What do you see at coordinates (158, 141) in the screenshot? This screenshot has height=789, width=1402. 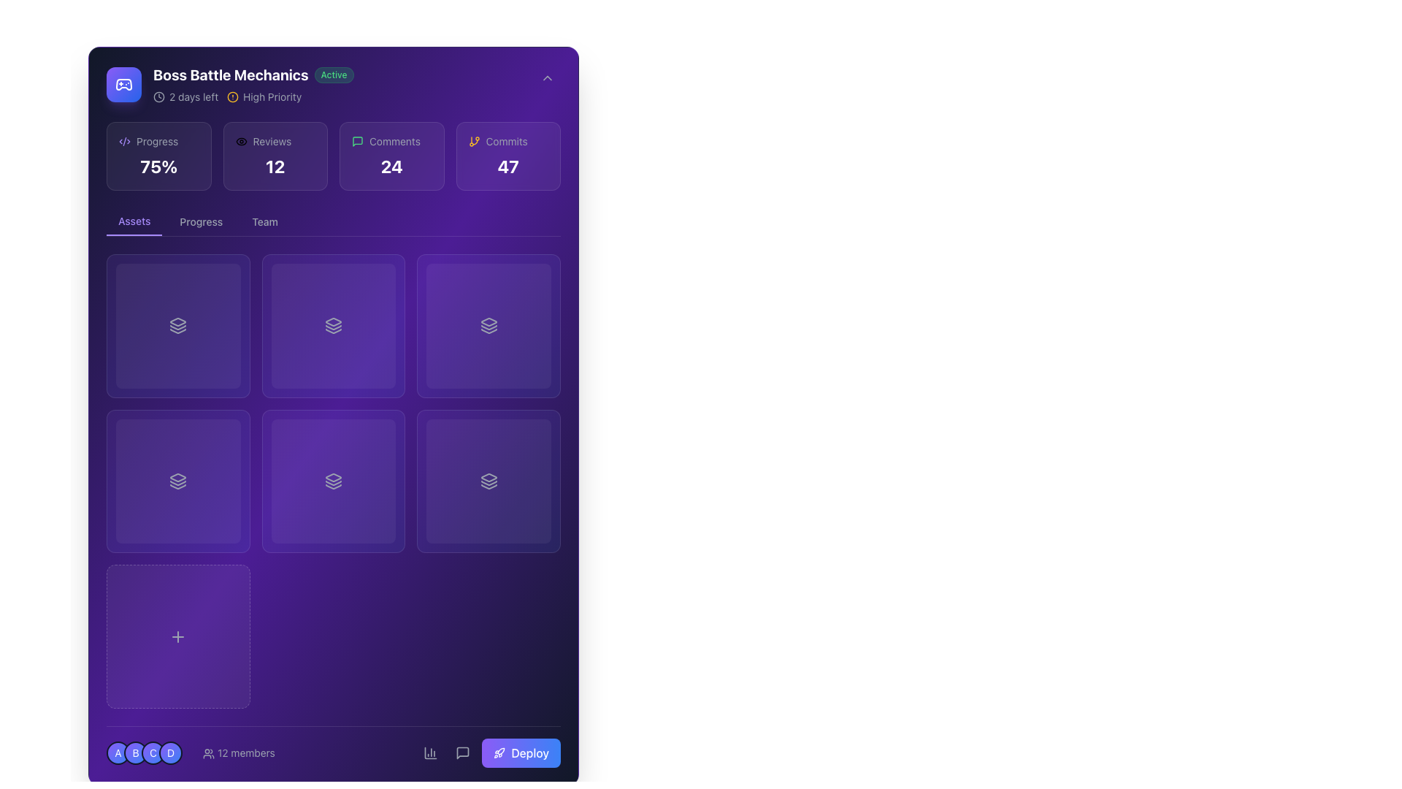 I see `the descriptive title text label located in the header of the first card in the grid of status elements, positioned to the left of the bold '75%' text` at bounding box center [158, 141].